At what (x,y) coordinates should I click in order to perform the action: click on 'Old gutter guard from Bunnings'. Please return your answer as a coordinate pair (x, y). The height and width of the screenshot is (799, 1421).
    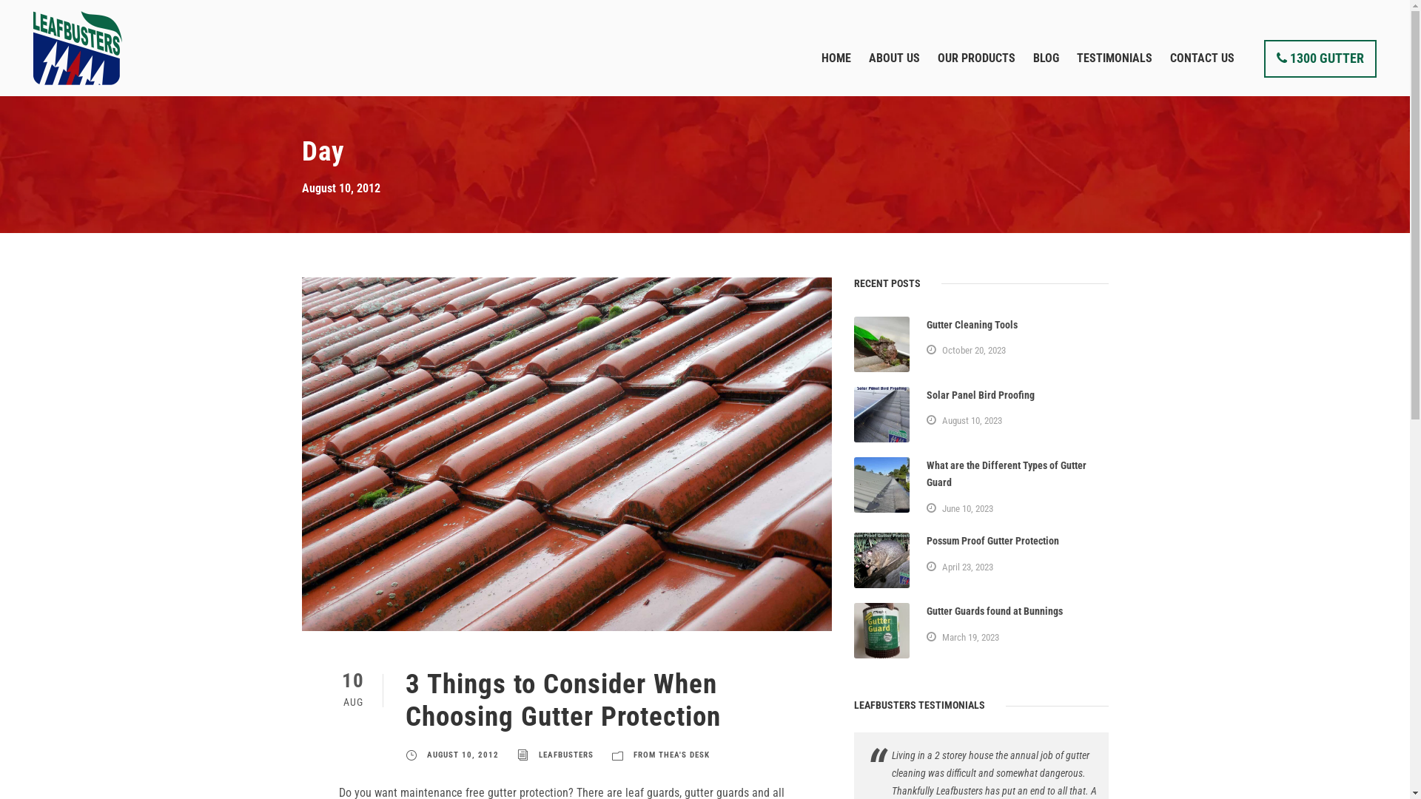
    Looking at the image, I should click on (881, 630).